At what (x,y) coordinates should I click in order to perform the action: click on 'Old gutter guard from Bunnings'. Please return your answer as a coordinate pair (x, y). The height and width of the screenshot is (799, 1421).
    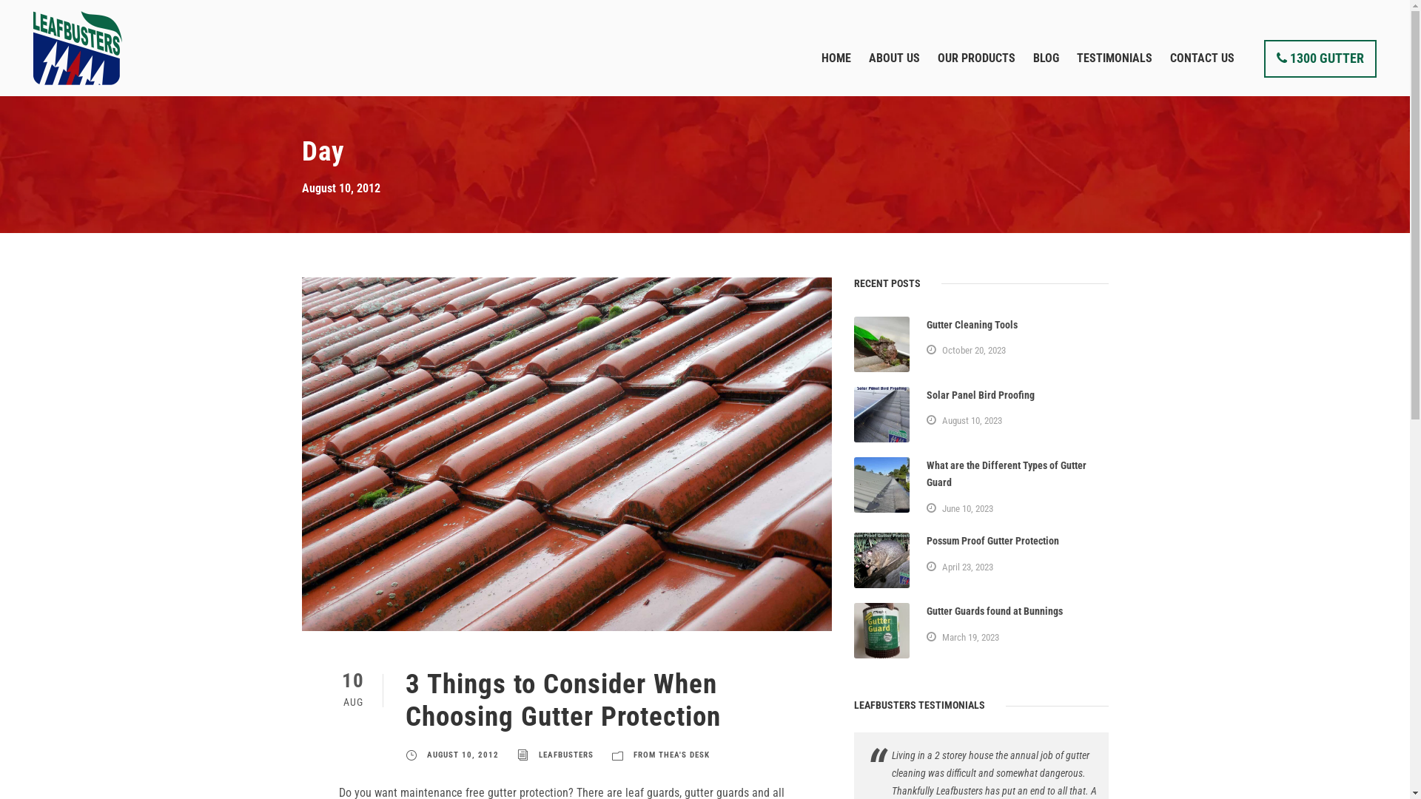
    Looking at the image, I should click on (881, 630).